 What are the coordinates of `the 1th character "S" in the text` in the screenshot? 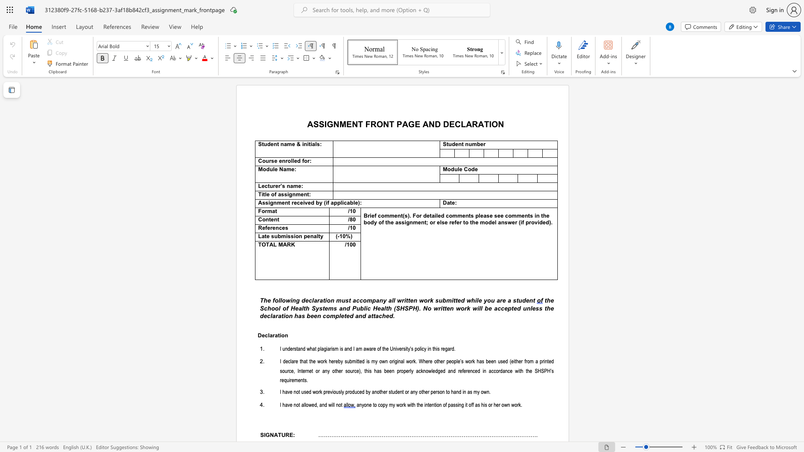 It's located at (259, 144).